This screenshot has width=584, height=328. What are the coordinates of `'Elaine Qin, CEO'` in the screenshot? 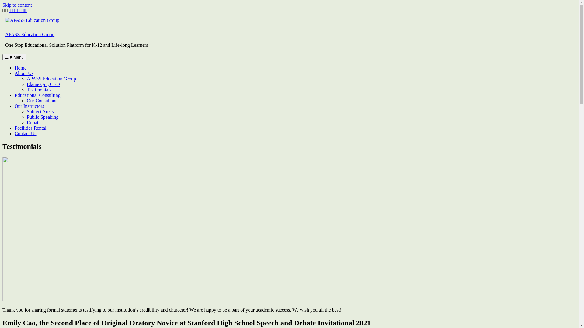 It's located at (43, 84).